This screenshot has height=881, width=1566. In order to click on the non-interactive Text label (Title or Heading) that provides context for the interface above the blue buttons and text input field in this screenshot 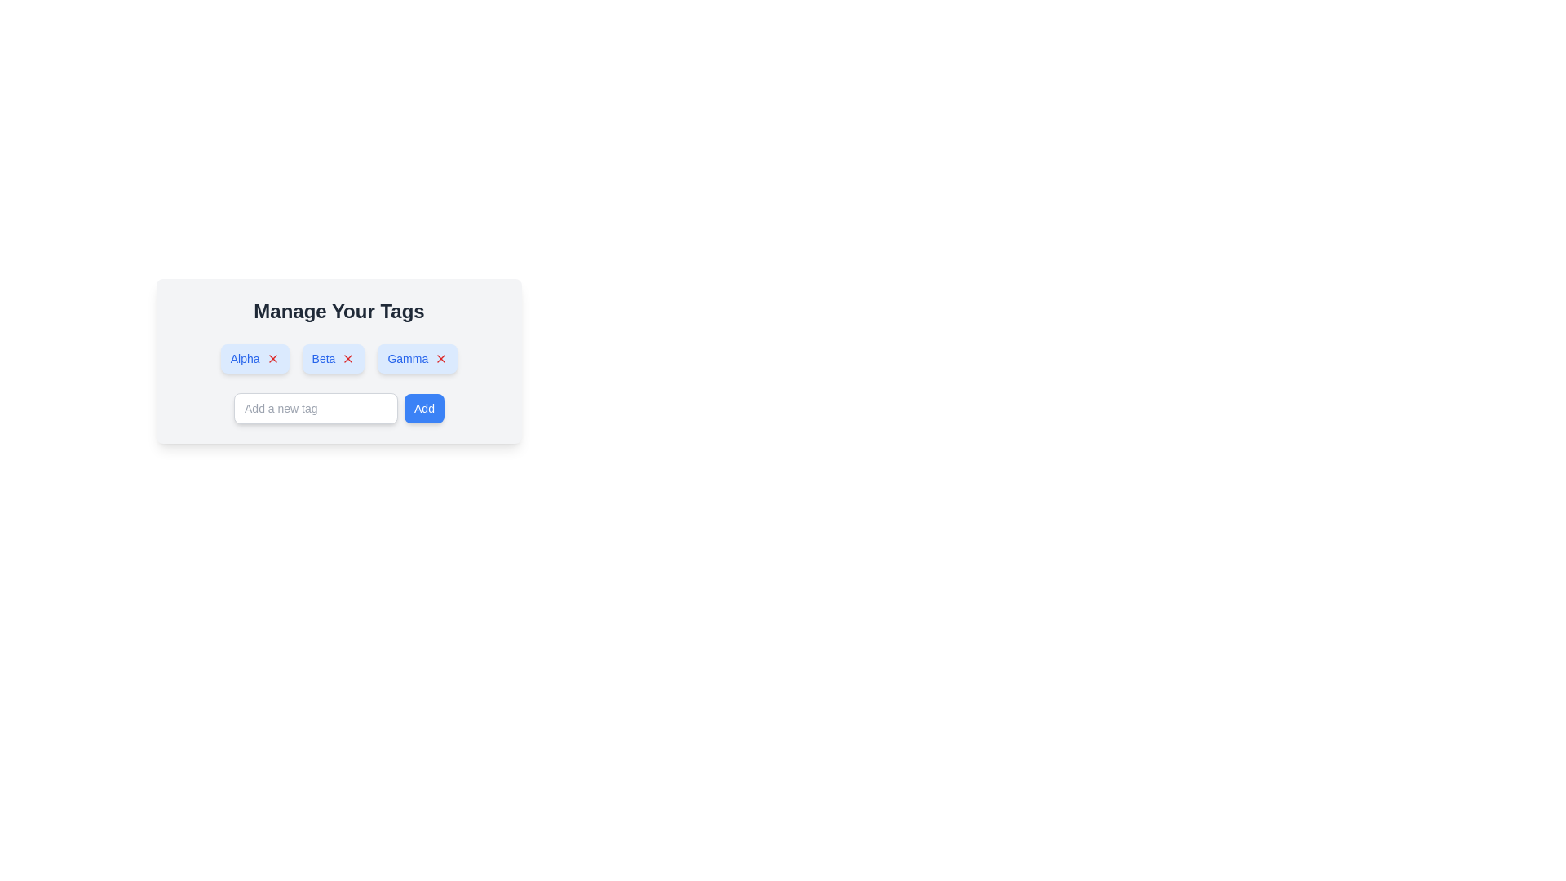, I will do `click(338, 311)`.